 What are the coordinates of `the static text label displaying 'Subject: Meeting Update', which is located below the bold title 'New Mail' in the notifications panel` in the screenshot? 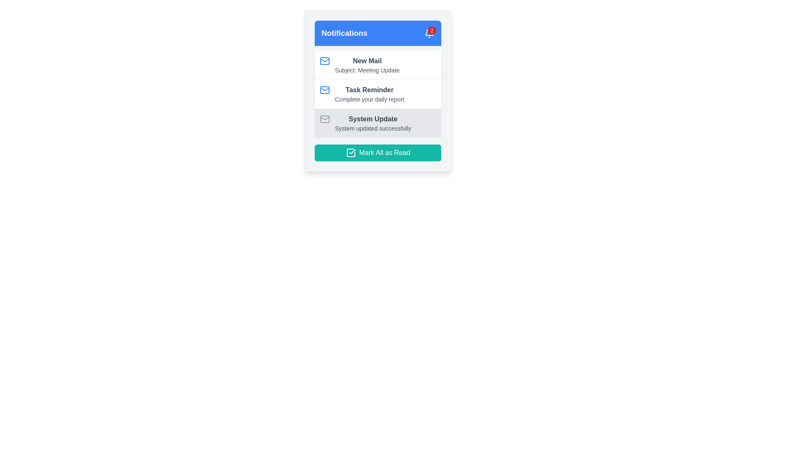 It's located at (367, 70).